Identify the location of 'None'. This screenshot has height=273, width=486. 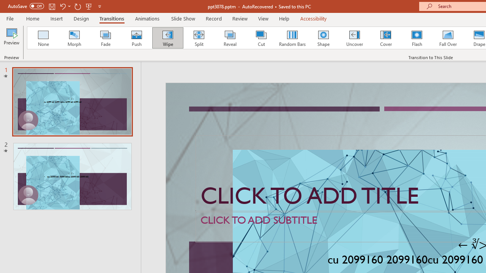
(43, 38).